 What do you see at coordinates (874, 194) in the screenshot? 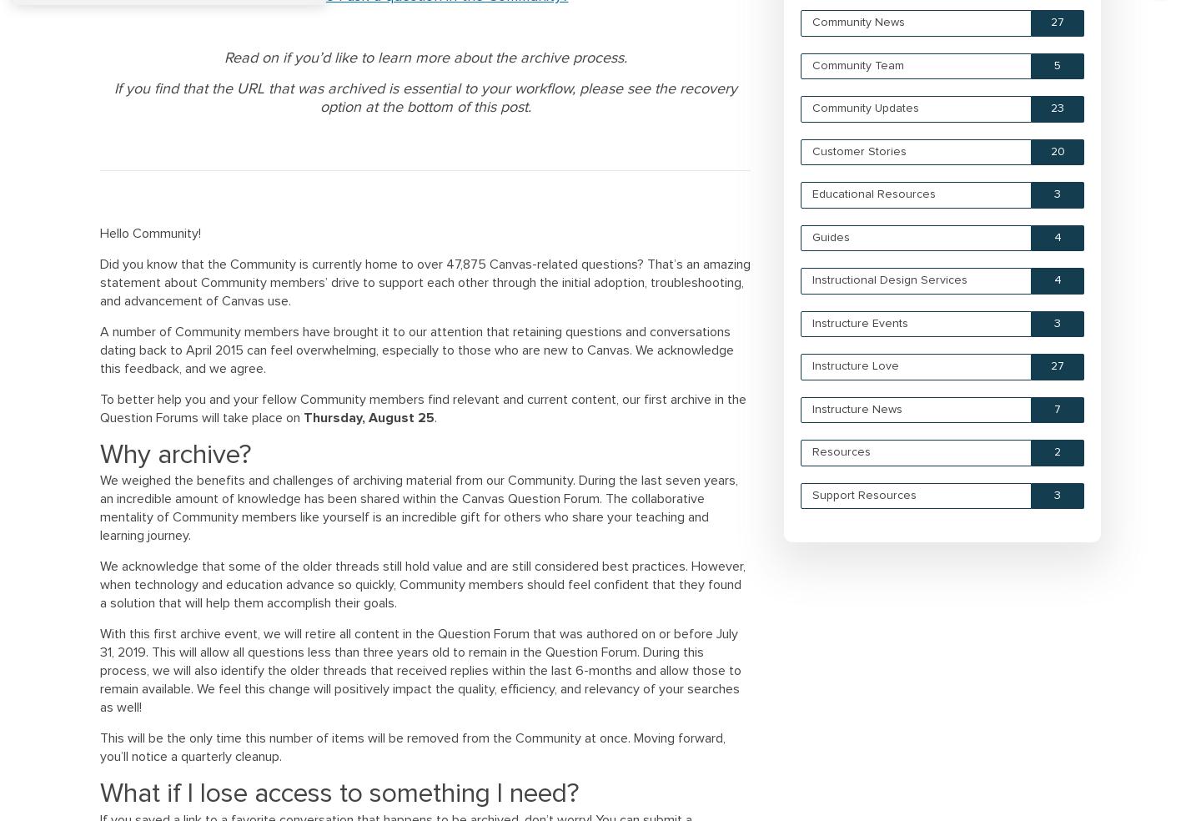
I see `'Educational Resources'` at bounding box center [874, 194].